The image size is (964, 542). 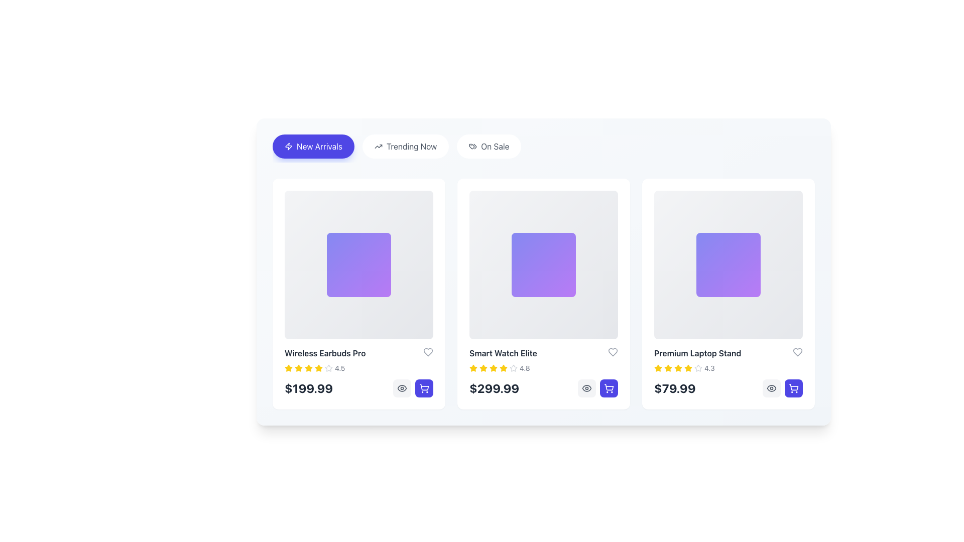 I want to click on the rounded rectangular button with a purple background and white shopping cart icon, so click(x=609, y=388).